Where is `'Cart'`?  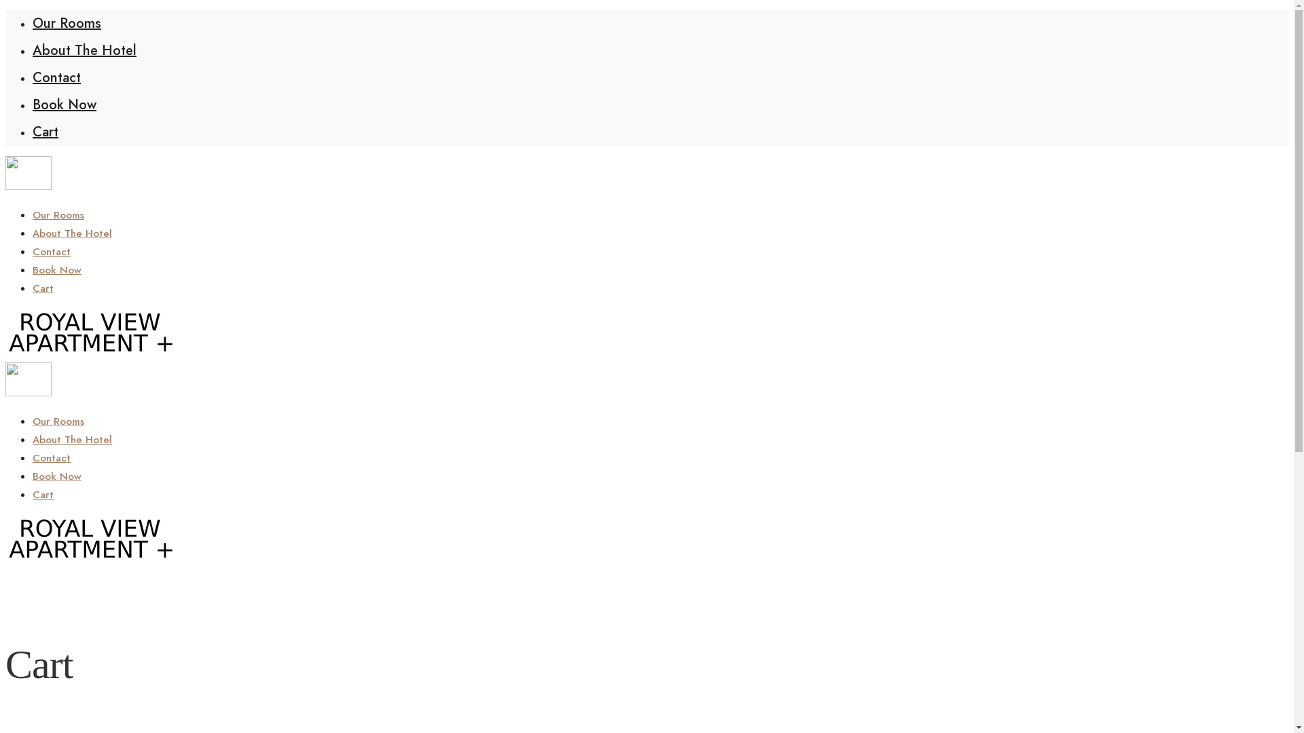
'Cart' is located at coordinates (46, 132).